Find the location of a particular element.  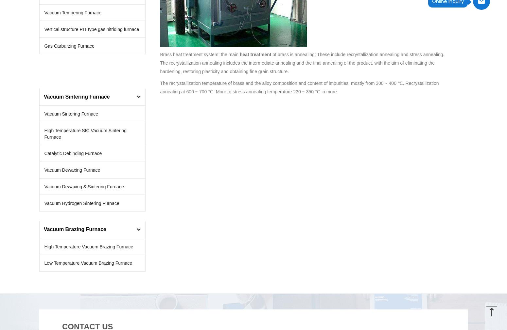

'Catalytic Debinding Furnace' is located at coordinates (73, 153).